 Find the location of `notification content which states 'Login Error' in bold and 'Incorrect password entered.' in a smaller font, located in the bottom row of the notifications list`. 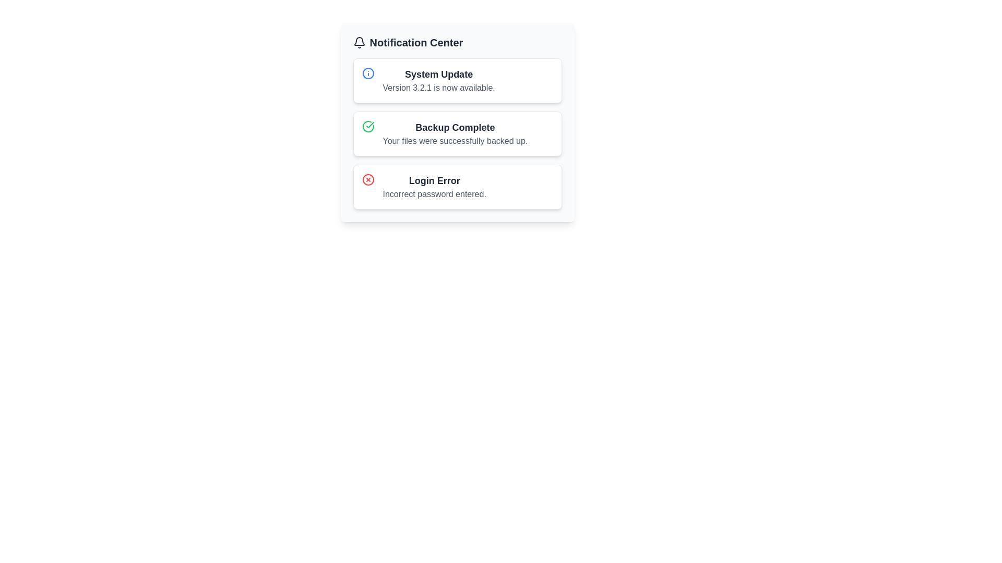

notification content which states 'Login Error' in bold and 'Incorrect password entered.' in a smaller font, located in the bottom row of the notifications list is located at coordinates (434, 186).